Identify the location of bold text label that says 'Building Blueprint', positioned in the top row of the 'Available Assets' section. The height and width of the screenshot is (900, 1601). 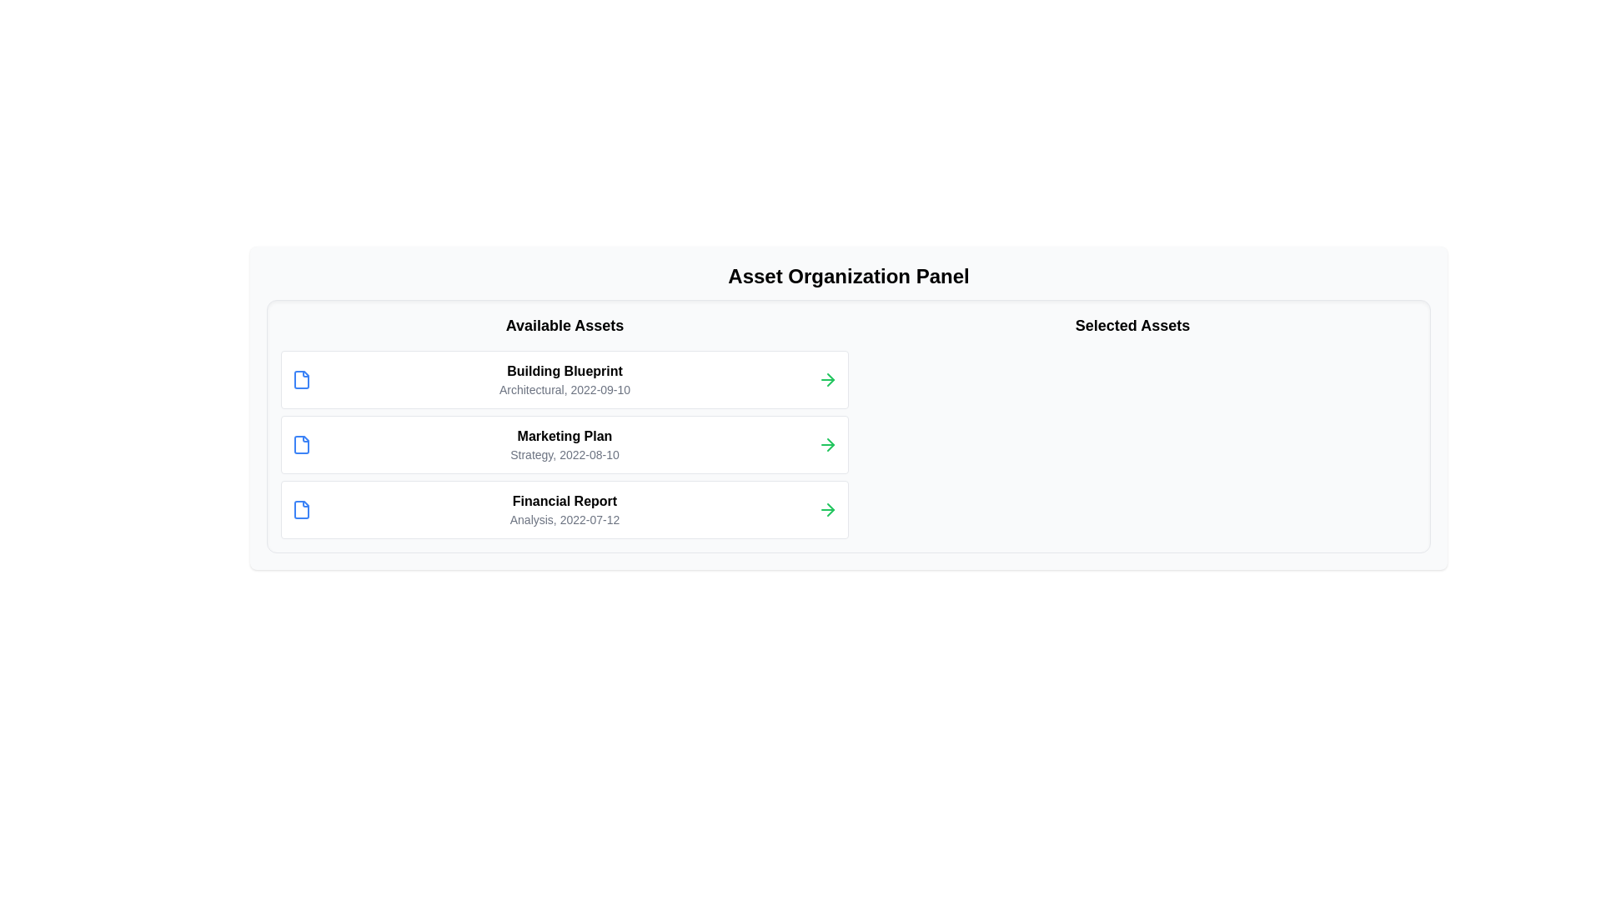
(565, 371).